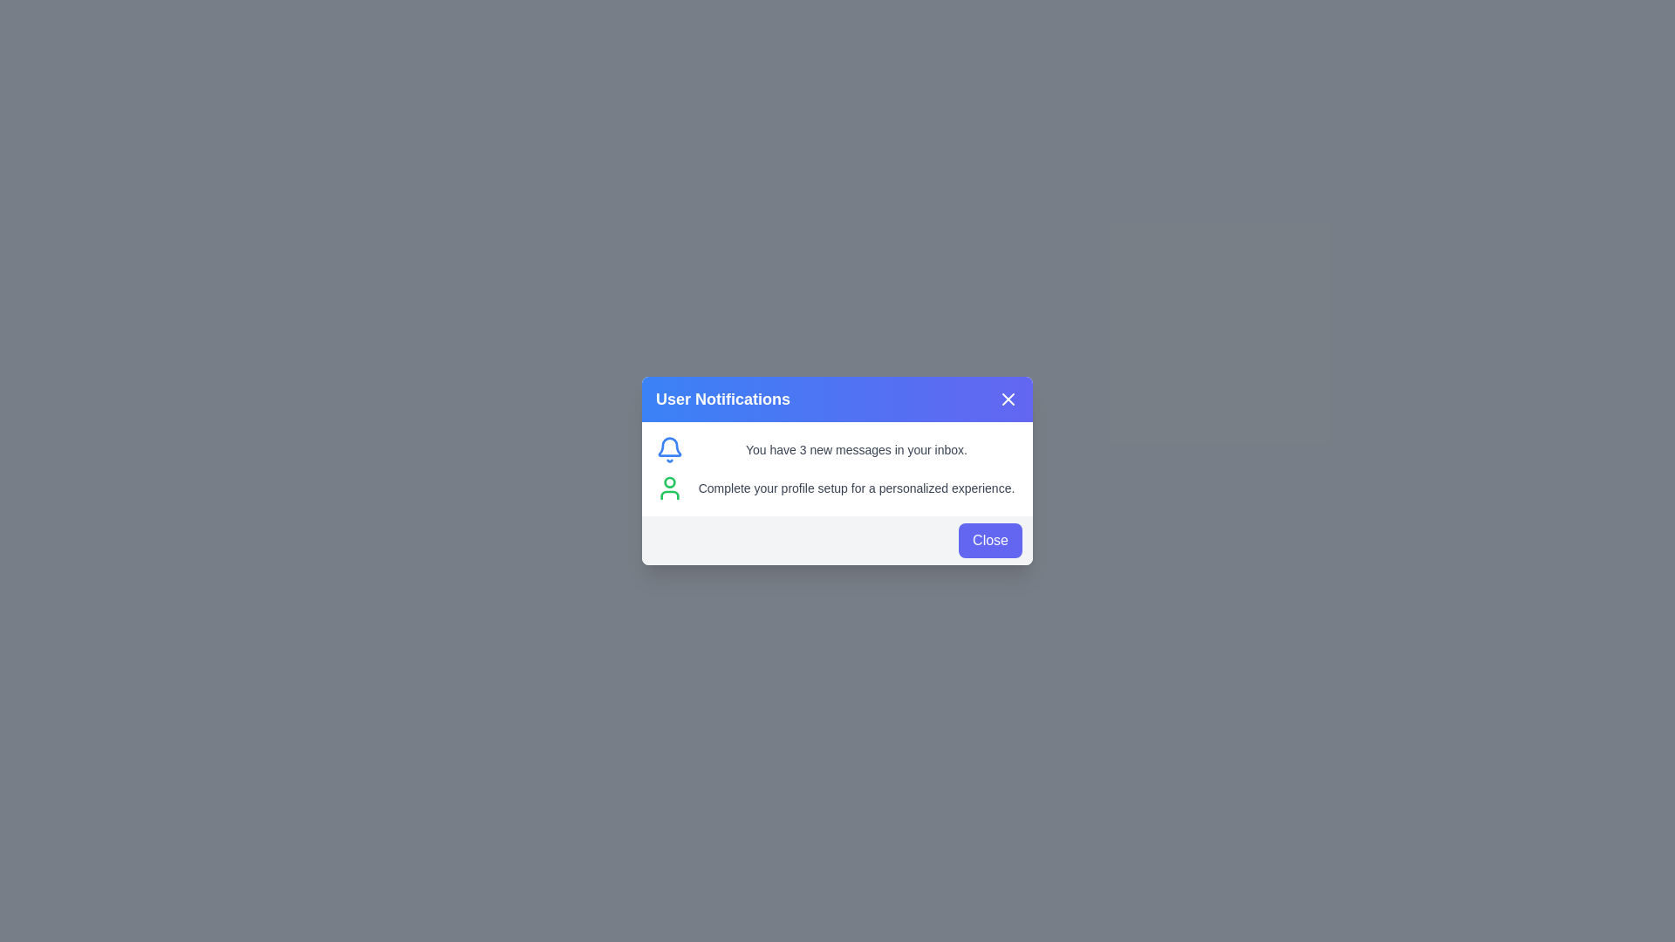  Describe the element at coordinates (1008, 399) in the screenshot. I see `the close button located in the top-right corner of the 'User Notifications' dialog` at that location.